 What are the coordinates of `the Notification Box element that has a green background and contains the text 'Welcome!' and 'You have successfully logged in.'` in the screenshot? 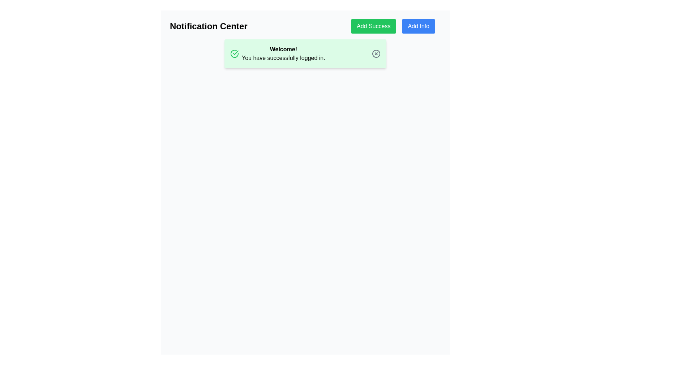 It's located at (305, 53).